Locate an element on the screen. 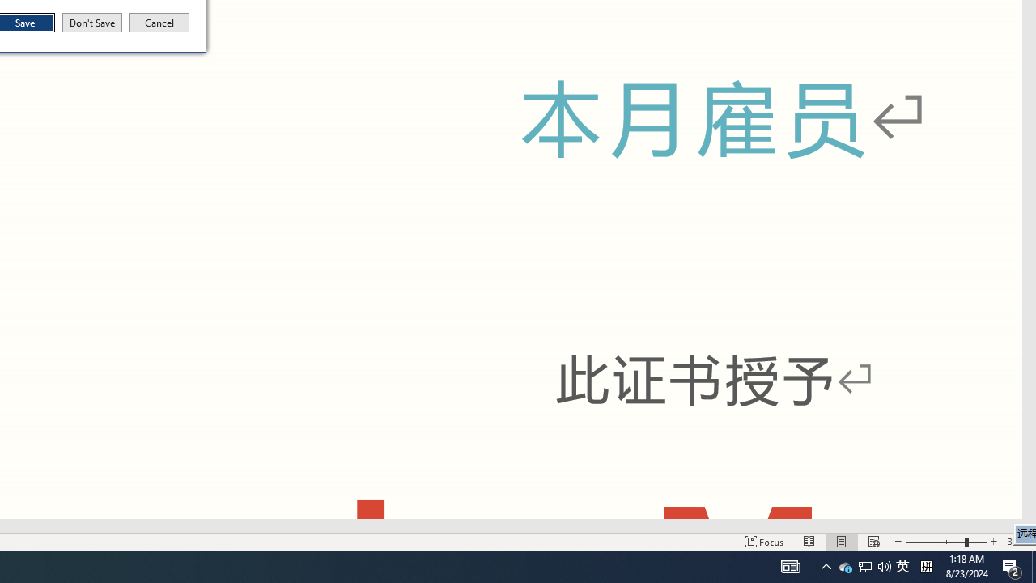 This screenshot has width=1036, height=583. 'Web Layout' is located at coordinates (873, 542).